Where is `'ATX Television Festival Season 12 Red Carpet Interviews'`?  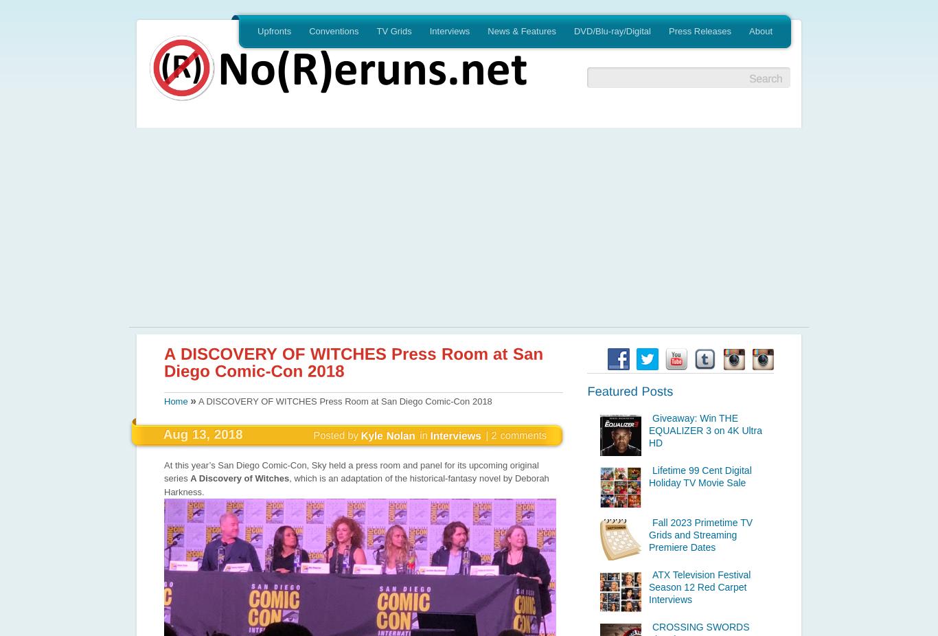
'ATX Television Festival Season 12 Red Carpet Interviews' is located at coordinates (700, 587).